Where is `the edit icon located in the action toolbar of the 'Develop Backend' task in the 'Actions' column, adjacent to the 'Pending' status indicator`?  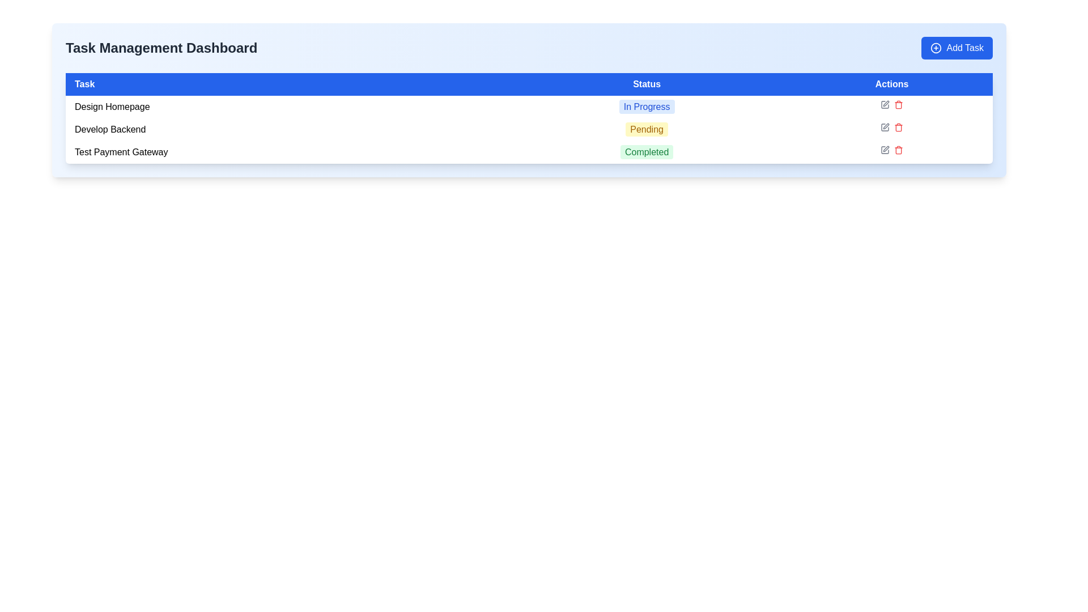 the edit icon located in the action toolbar of the 'Develop Backend' task in the 'Actions' column, adjacent to the 'Pending' status indicator is located at coordinates (891, 127).